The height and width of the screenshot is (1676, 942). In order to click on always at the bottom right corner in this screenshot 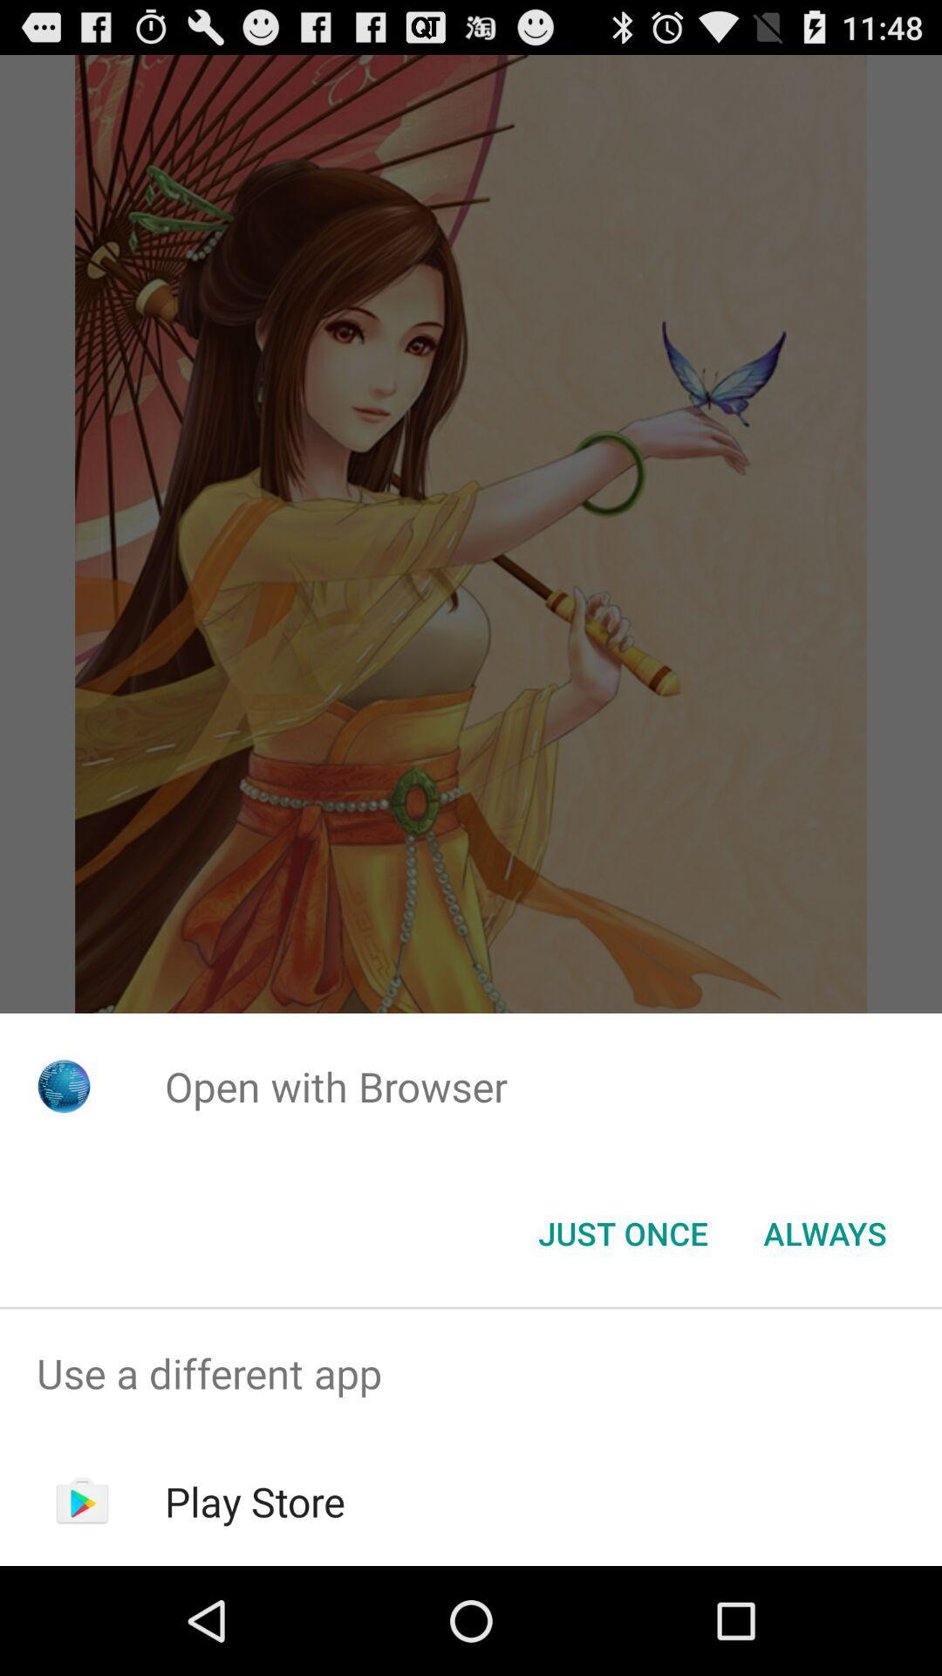, I will do `click(824, 1232)`.